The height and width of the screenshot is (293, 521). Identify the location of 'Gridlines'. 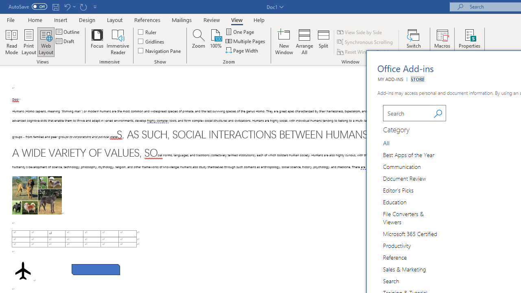
(151, 41).